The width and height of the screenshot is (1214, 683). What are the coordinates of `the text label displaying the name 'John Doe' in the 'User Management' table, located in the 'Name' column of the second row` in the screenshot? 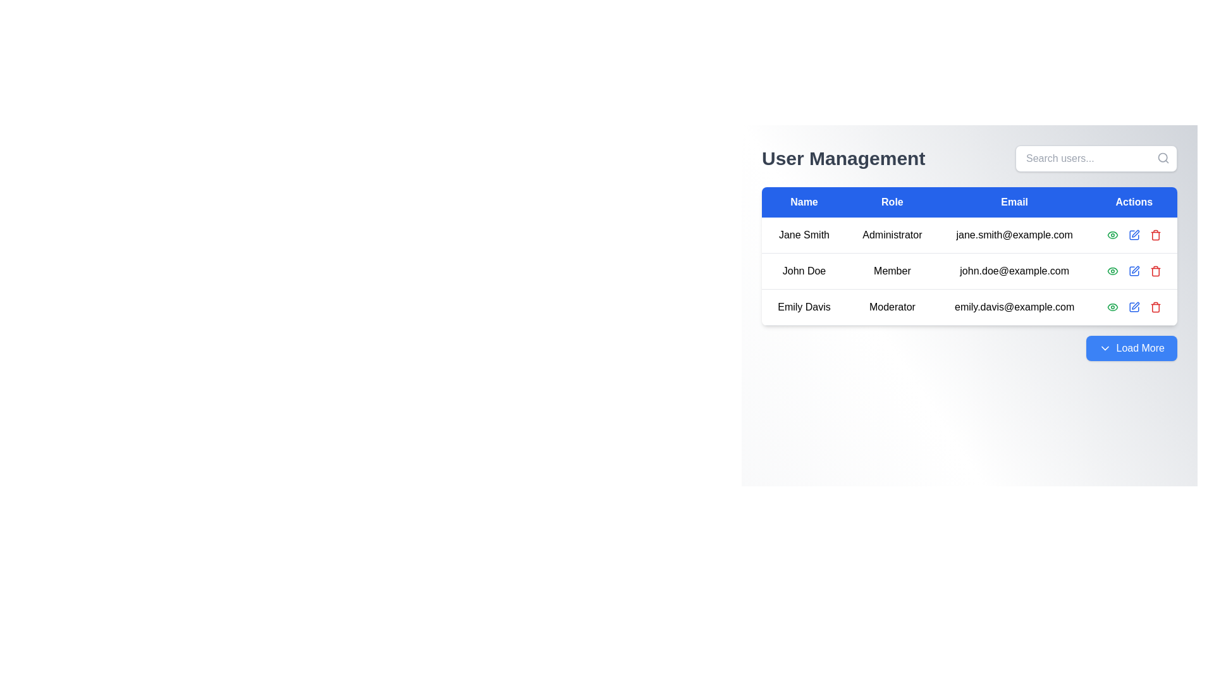 It's located at (804, 270).